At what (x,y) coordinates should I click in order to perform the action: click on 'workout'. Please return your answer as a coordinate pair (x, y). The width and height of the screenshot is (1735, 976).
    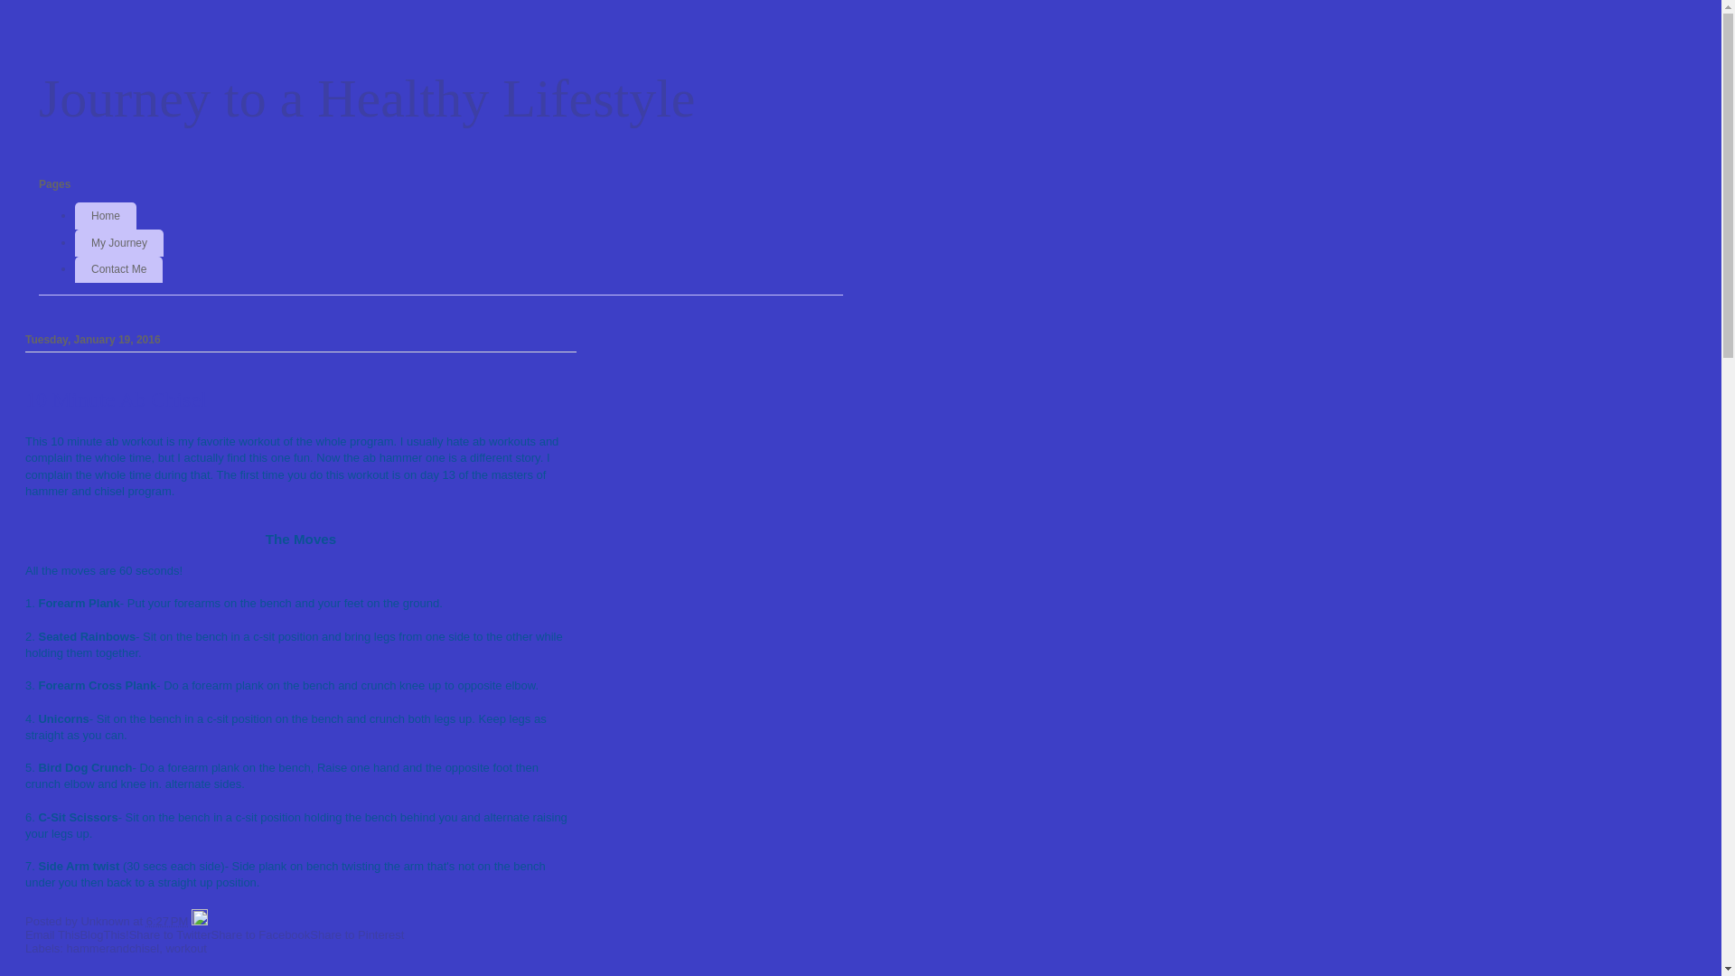
    Looking at the image, I should click on (186, 947).